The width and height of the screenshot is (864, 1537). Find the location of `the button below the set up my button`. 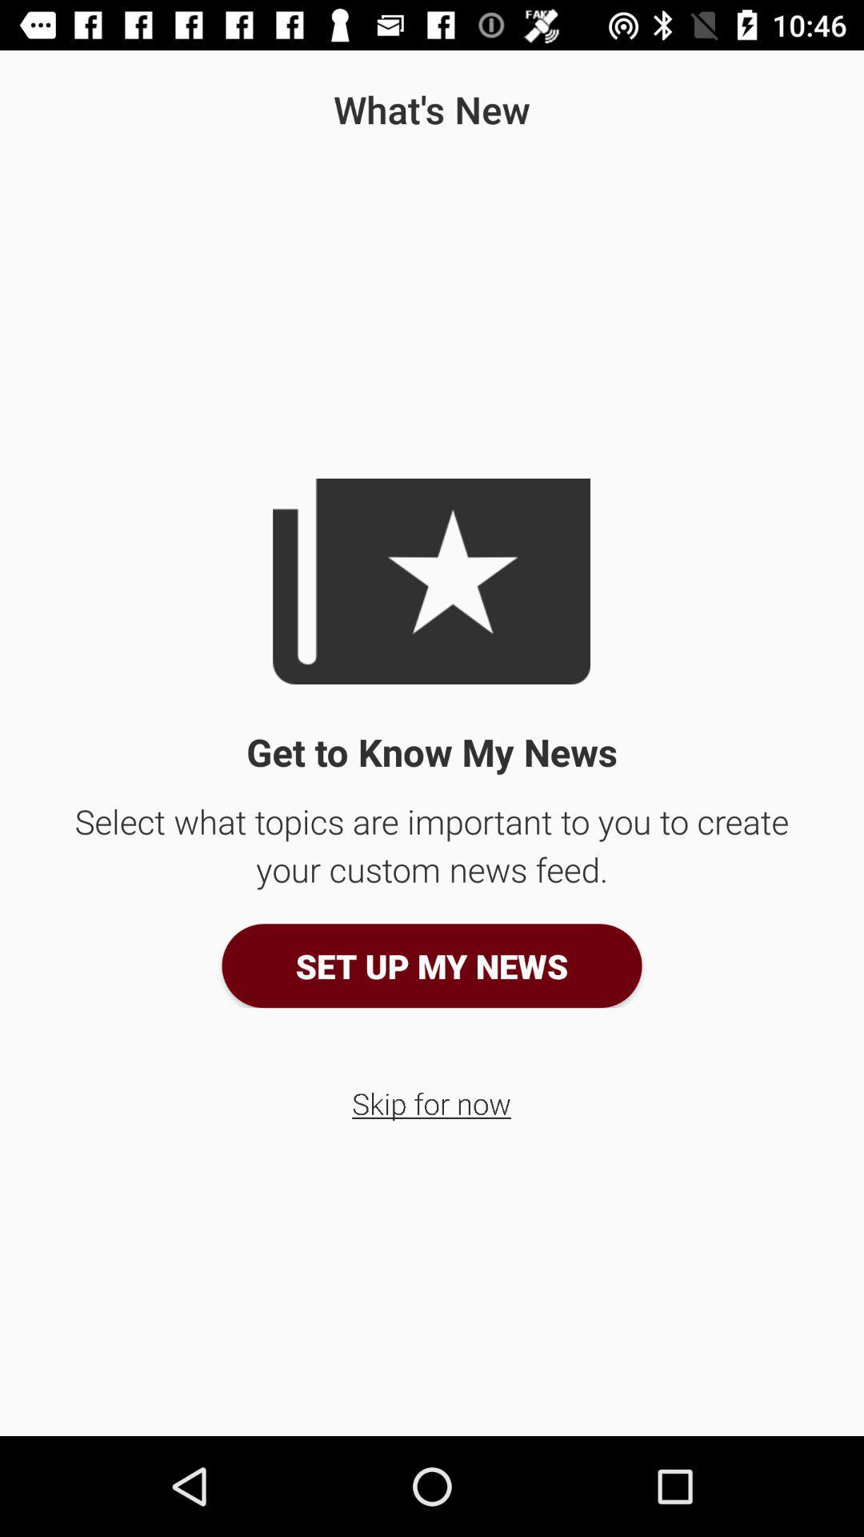

the button below the set up my button is located at coordinates (430, 1102).